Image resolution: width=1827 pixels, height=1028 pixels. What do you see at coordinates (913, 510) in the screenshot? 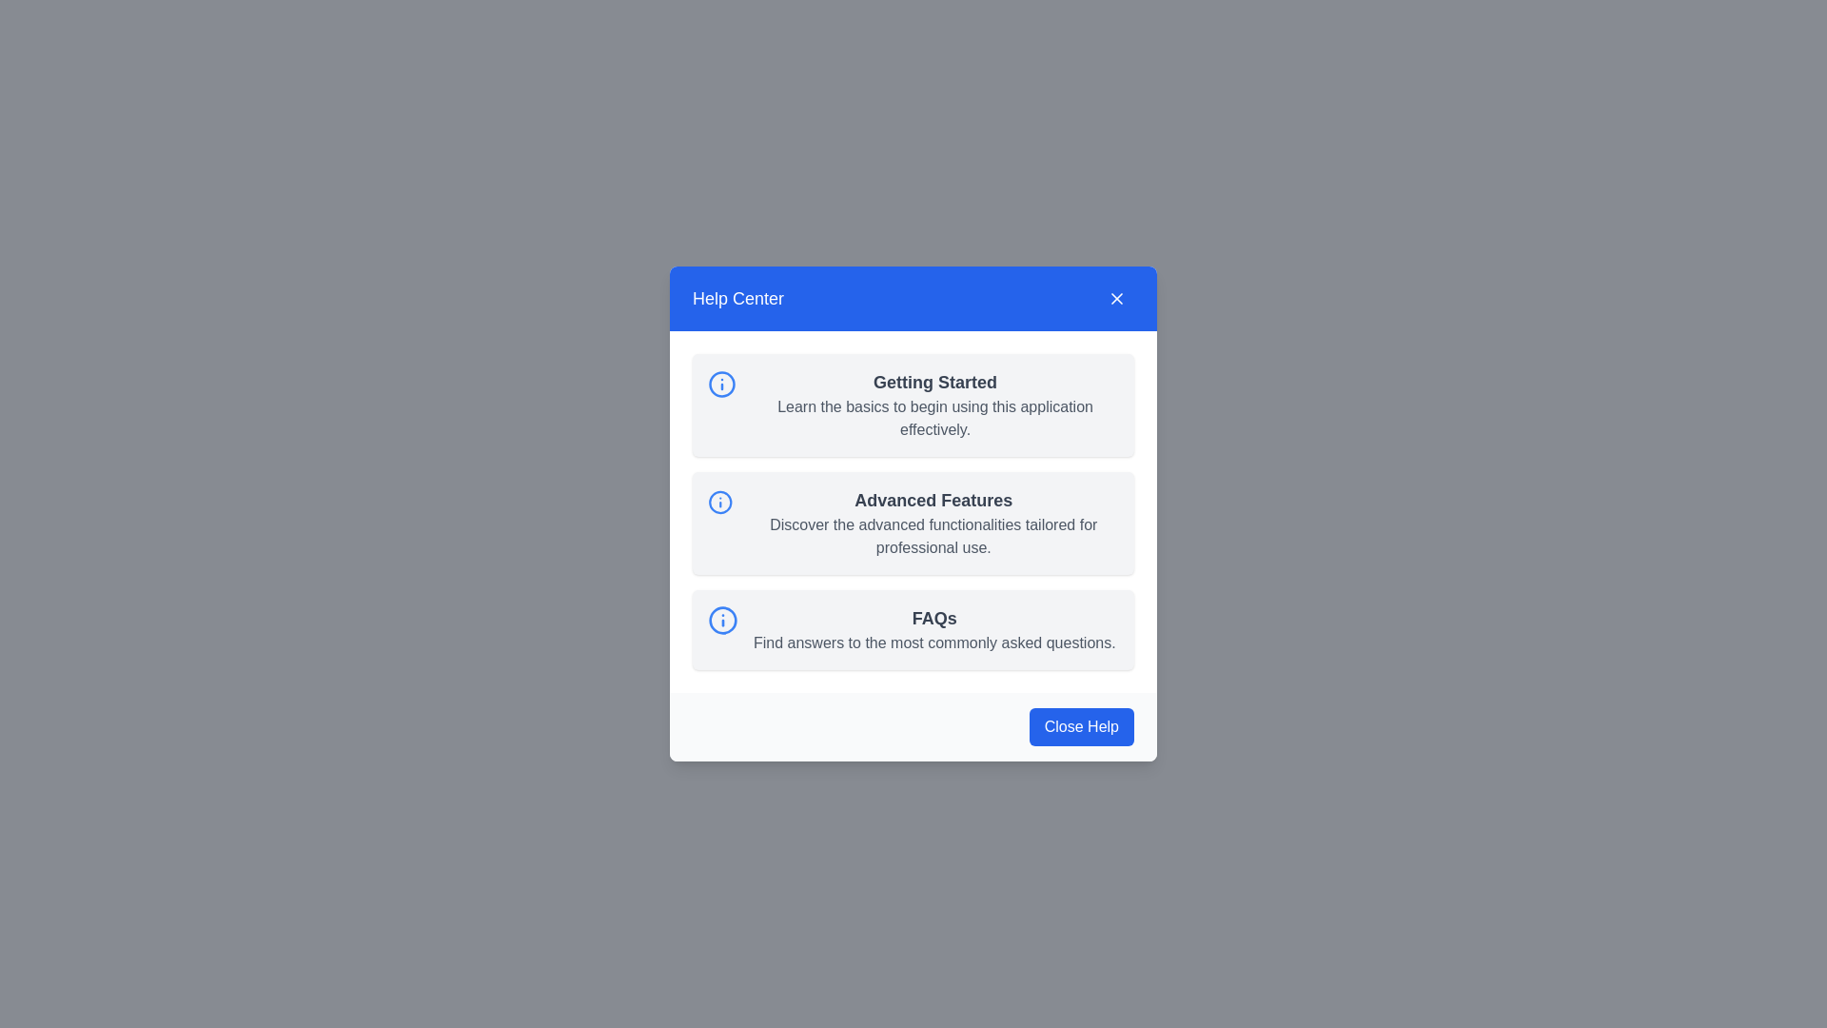
I see `the icon of the 'Advanced Features' section in the Informational panel within the Help Center modal for additional information` at bounding box center [913, 510].